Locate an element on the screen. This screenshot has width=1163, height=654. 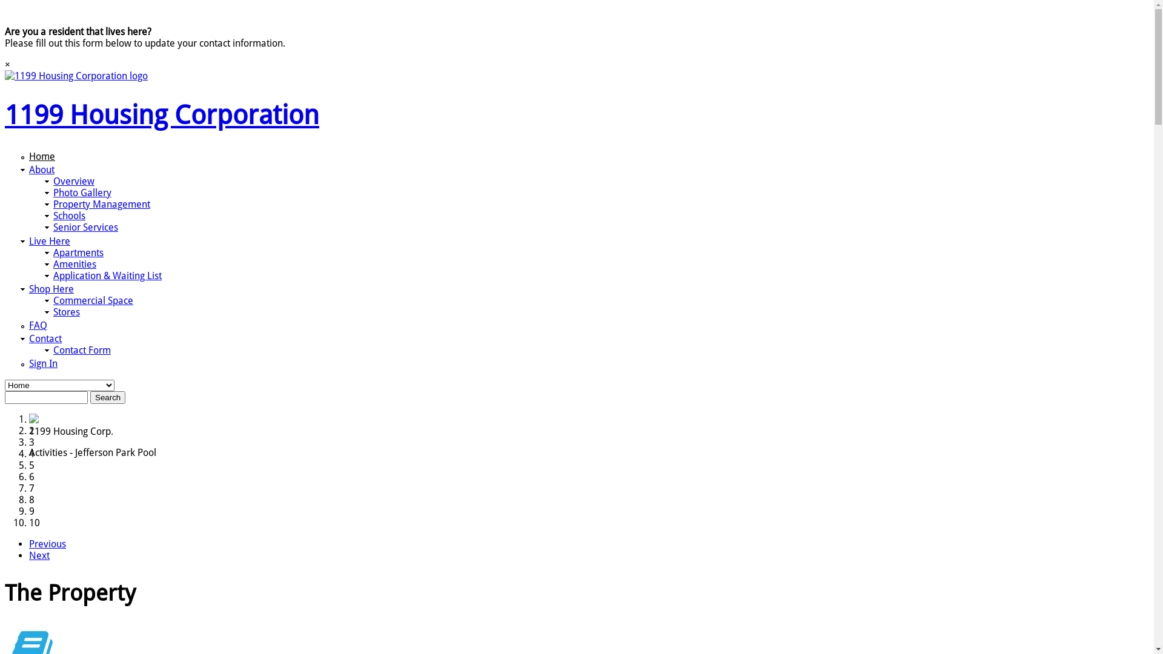
'10' is located at coordinates (29, 522).